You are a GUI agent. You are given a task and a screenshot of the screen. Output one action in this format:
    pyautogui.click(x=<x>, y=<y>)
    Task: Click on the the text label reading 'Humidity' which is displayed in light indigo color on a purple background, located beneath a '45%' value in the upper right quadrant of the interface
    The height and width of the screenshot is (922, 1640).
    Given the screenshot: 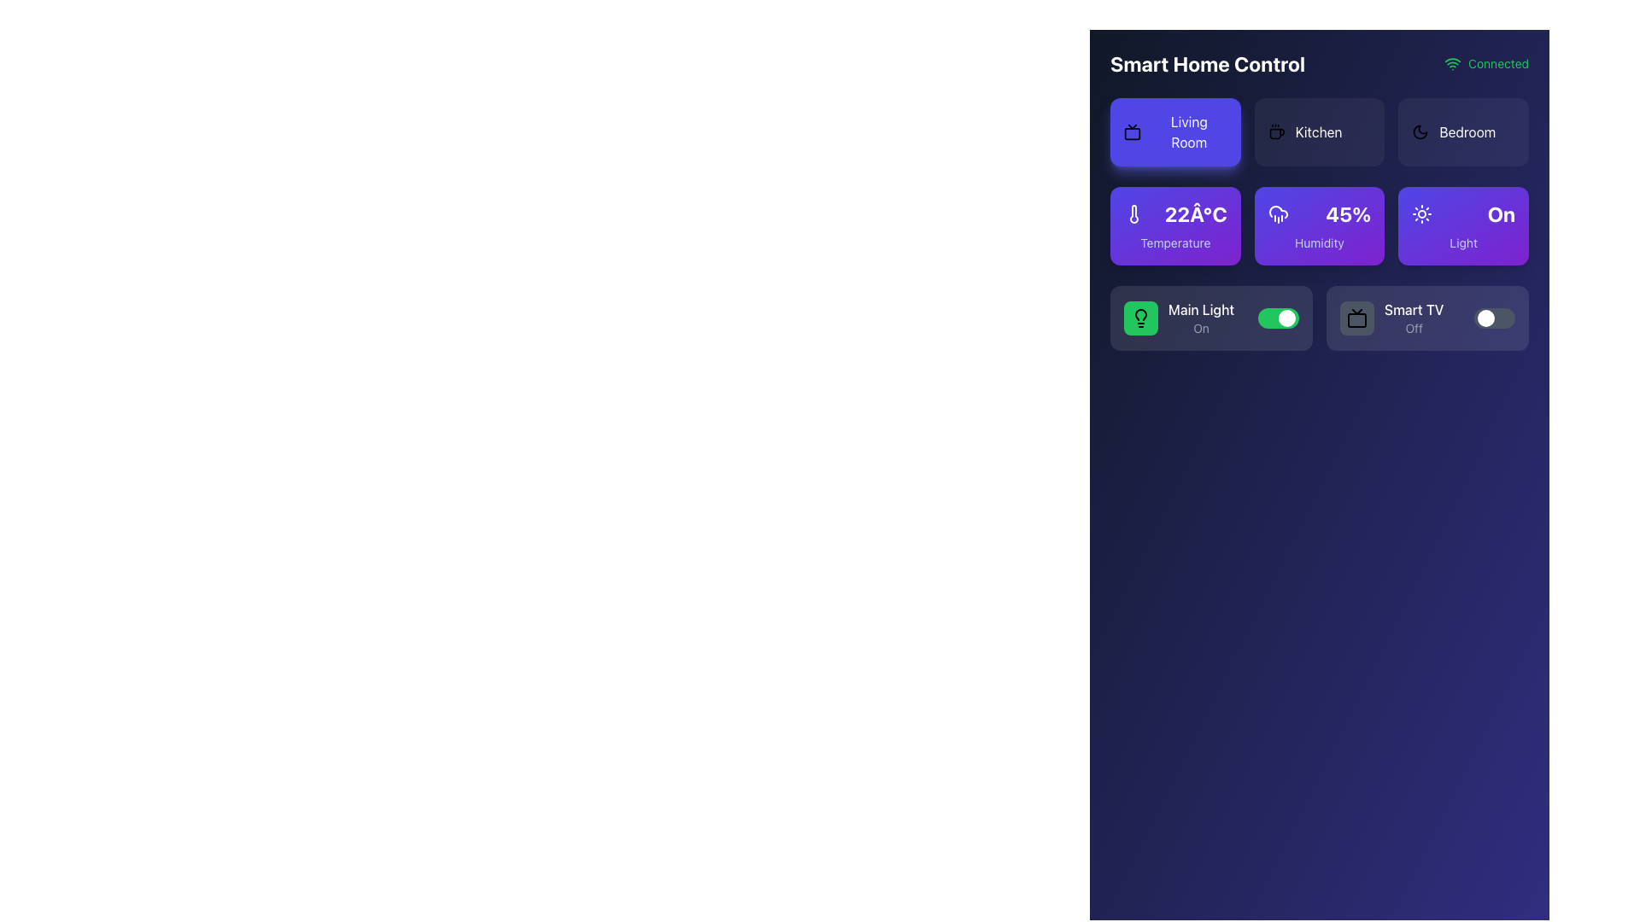 What is the action you would take?
    pyautogui.click(x=1319, y=243)
    